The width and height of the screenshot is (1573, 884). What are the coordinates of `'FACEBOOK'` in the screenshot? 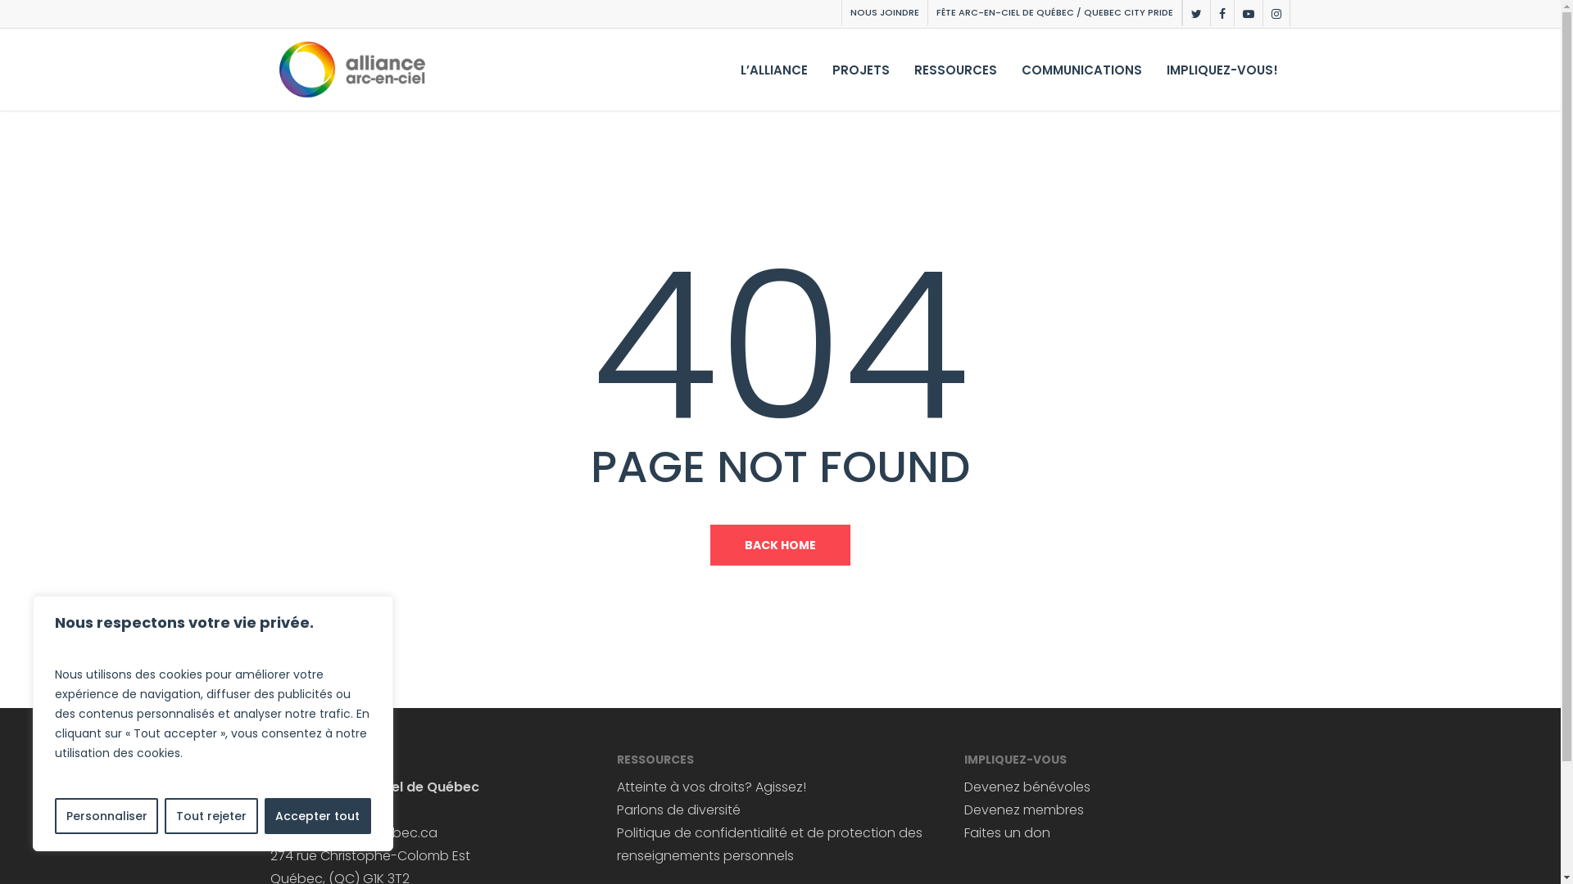 It's located at (1222, 12).